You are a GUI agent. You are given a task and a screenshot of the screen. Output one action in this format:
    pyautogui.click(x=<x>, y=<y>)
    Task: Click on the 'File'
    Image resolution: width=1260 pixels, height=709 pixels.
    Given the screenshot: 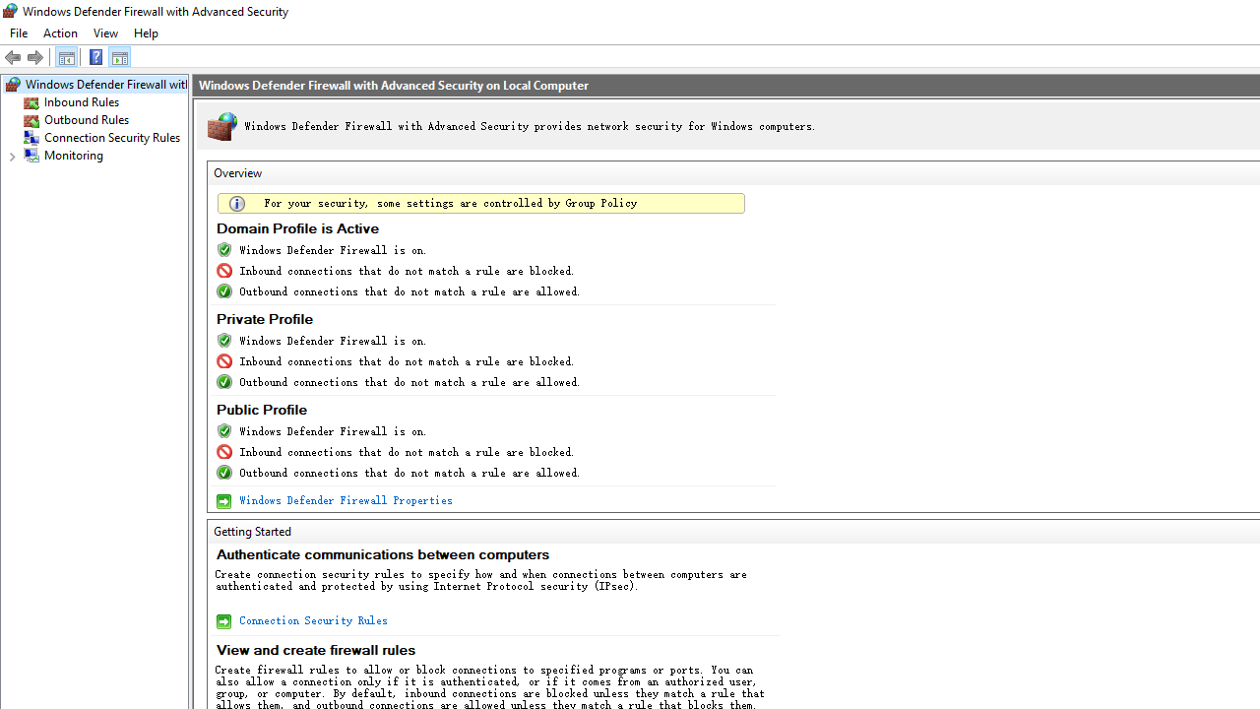 What is the action you would take?
    pyautogui.click(x=19, y=32)
    